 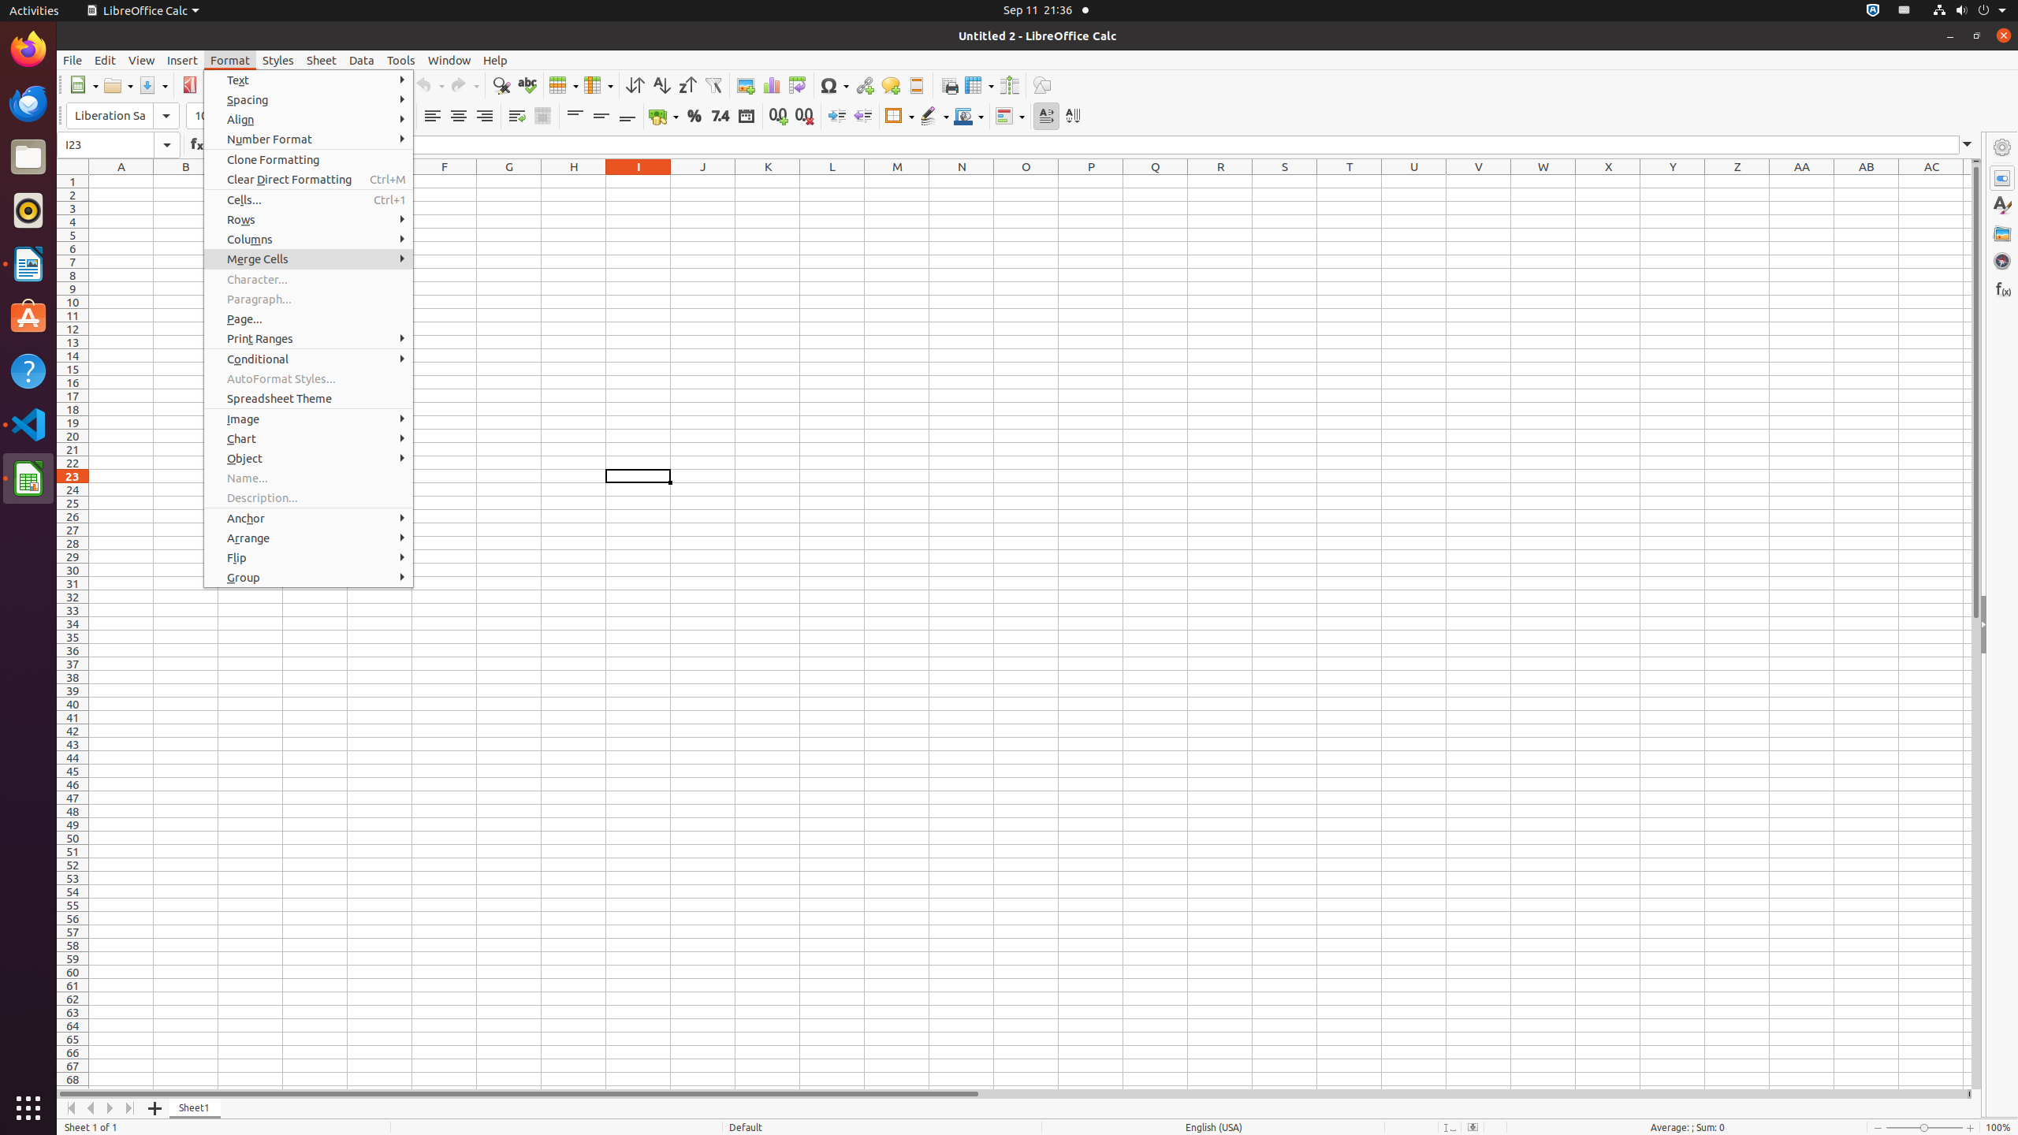 I want to click on 'N1', so click(x=961, y=180).